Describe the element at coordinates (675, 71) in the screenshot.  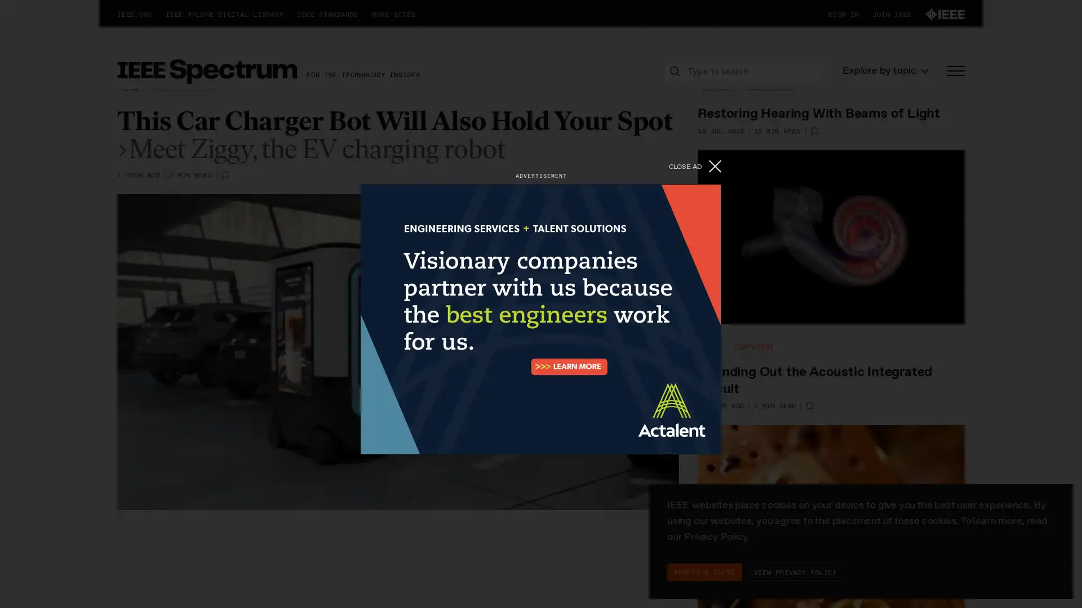
I see `Search` at that location.